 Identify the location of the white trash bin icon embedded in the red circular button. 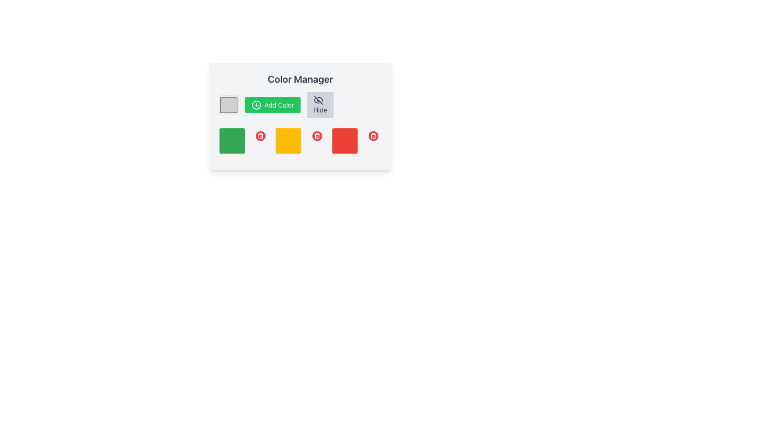
(373, 136).